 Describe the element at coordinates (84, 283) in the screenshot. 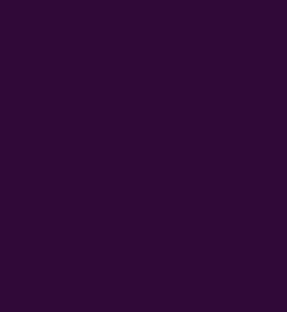

I see `'https://www.mojjackpot.pl'` at that location.